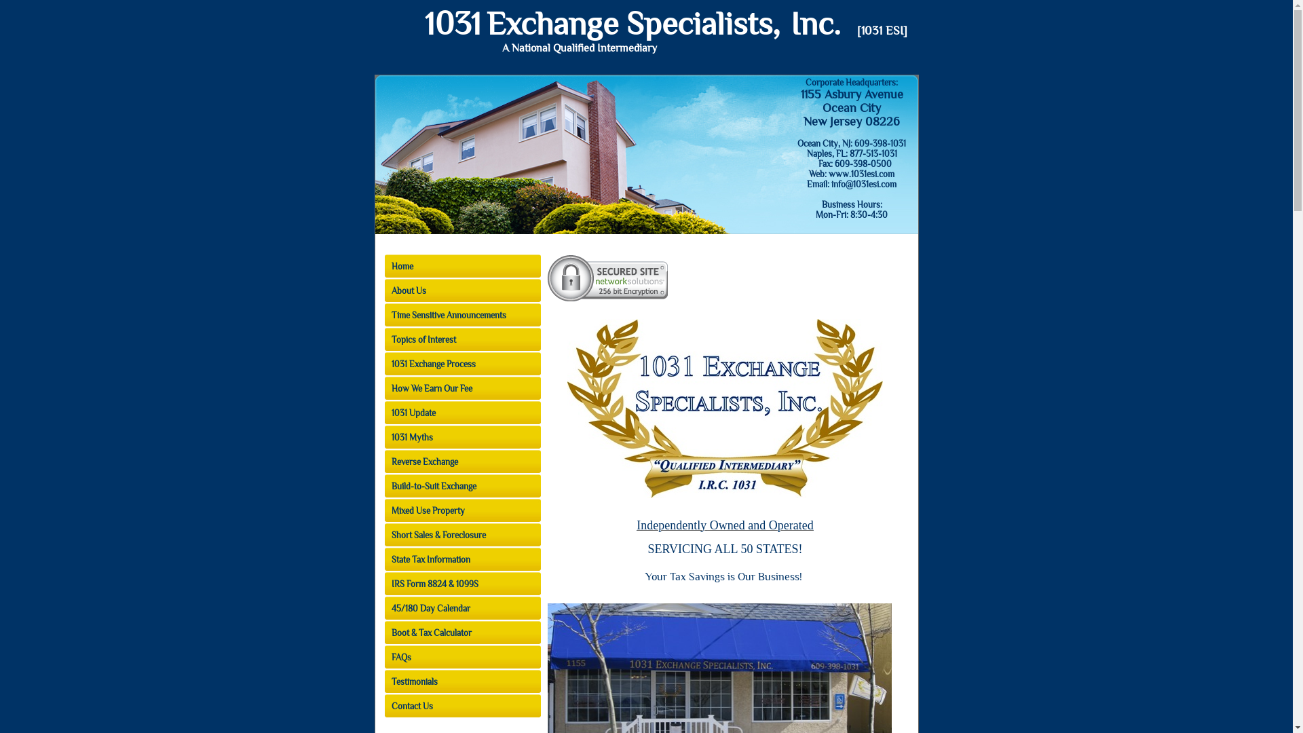 The image size is (1303, 733). I want to click on 'Testimonials', so click(462, 681).